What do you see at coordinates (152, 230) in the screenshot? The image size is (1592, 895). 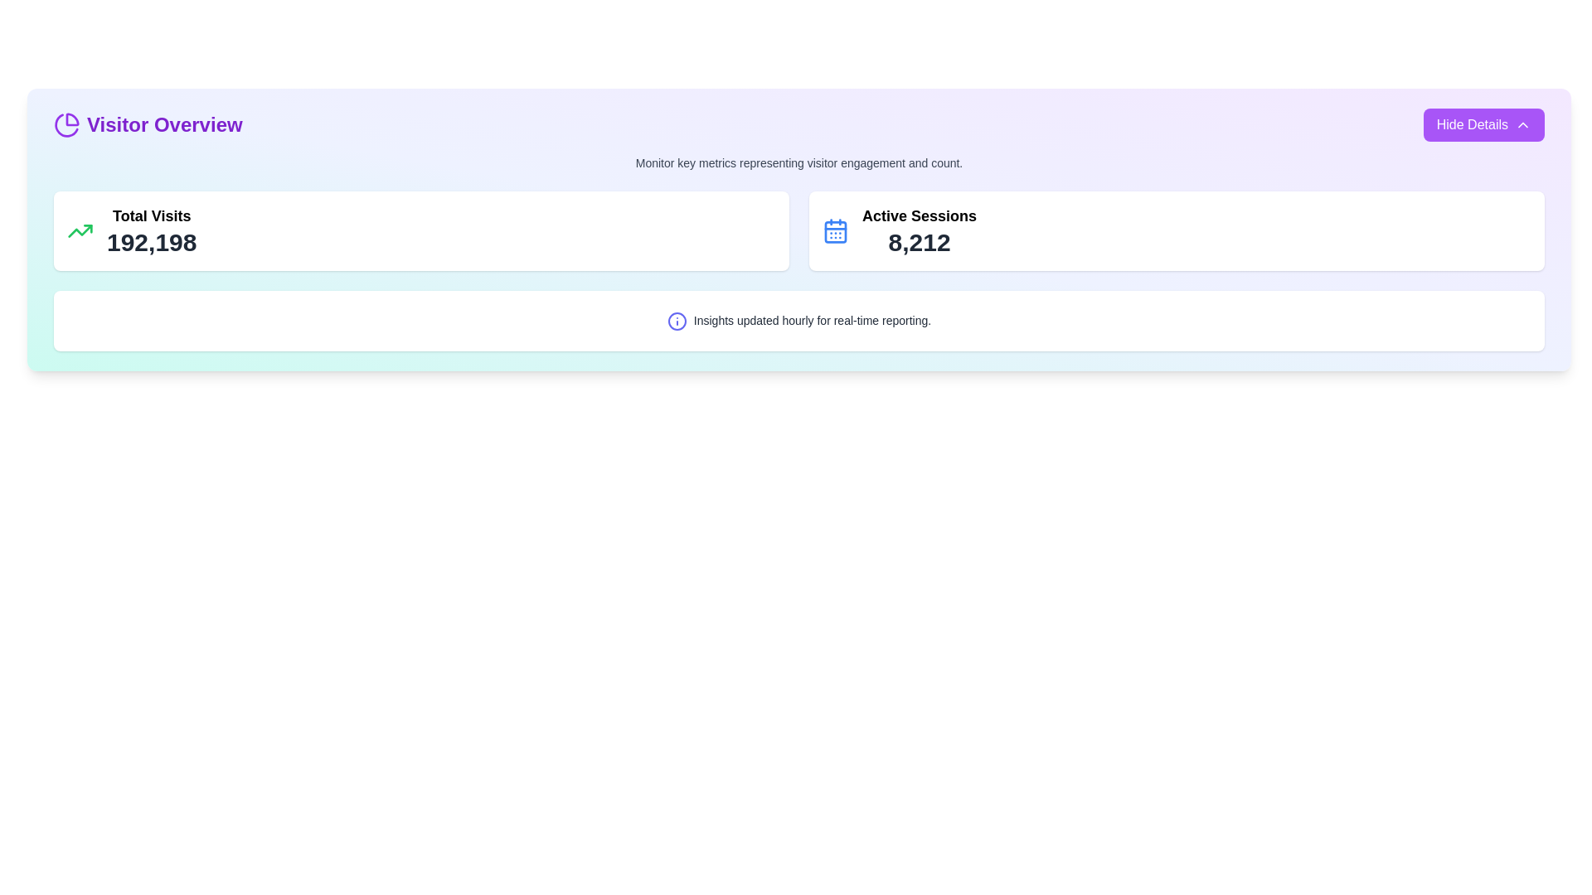 I see `displayed text from the metric display component showing the total number of visits, located under the 'Visitor Overview' section and to the right of the green upward-trending icon` at bounding box center [152, 230].